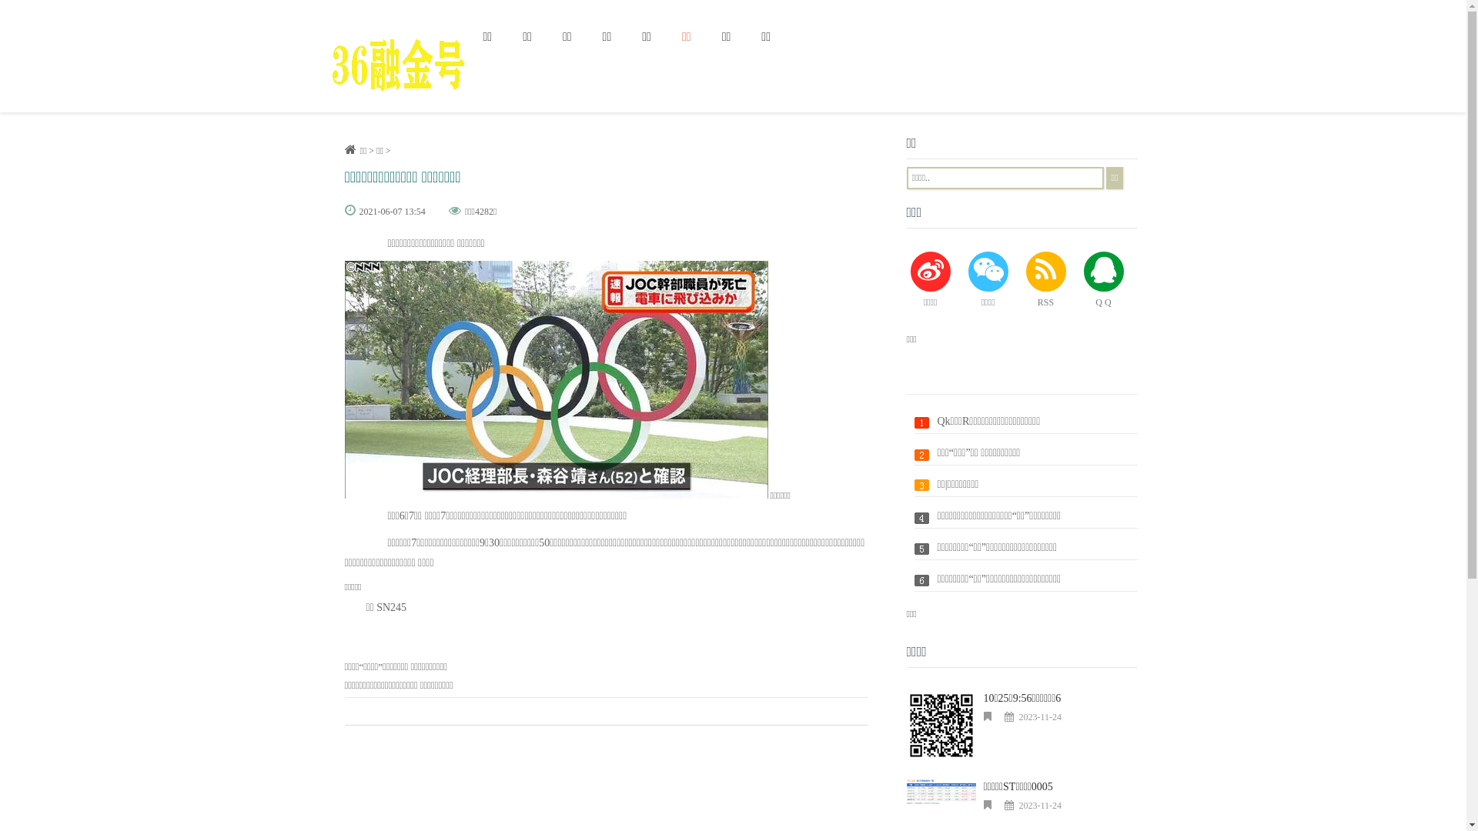 The width and height of the screenshot is (1478, 831). What do you see at coordinates (1045, 280) in the screenshot?
I see `'RSS'` at bounding box center [1045, 280].